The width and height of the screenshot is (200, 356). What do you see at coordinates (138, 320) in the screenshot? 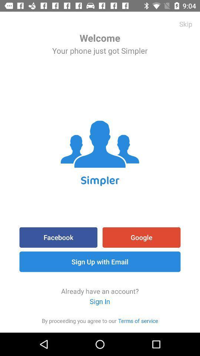
I see `icon below already have an` at bounding box center [138, 320].